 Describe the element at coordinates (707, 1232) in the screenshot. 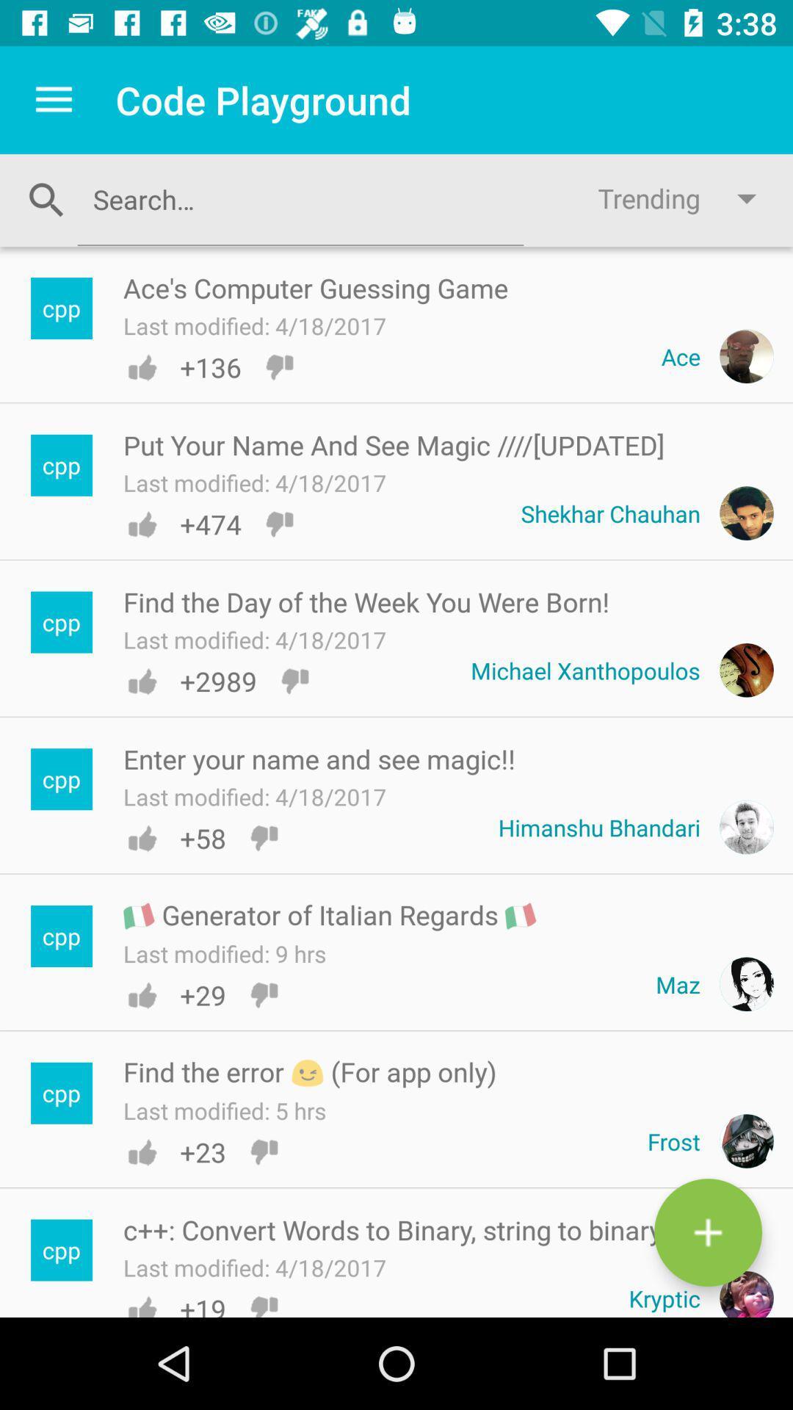

I see `click the add option` at that location.